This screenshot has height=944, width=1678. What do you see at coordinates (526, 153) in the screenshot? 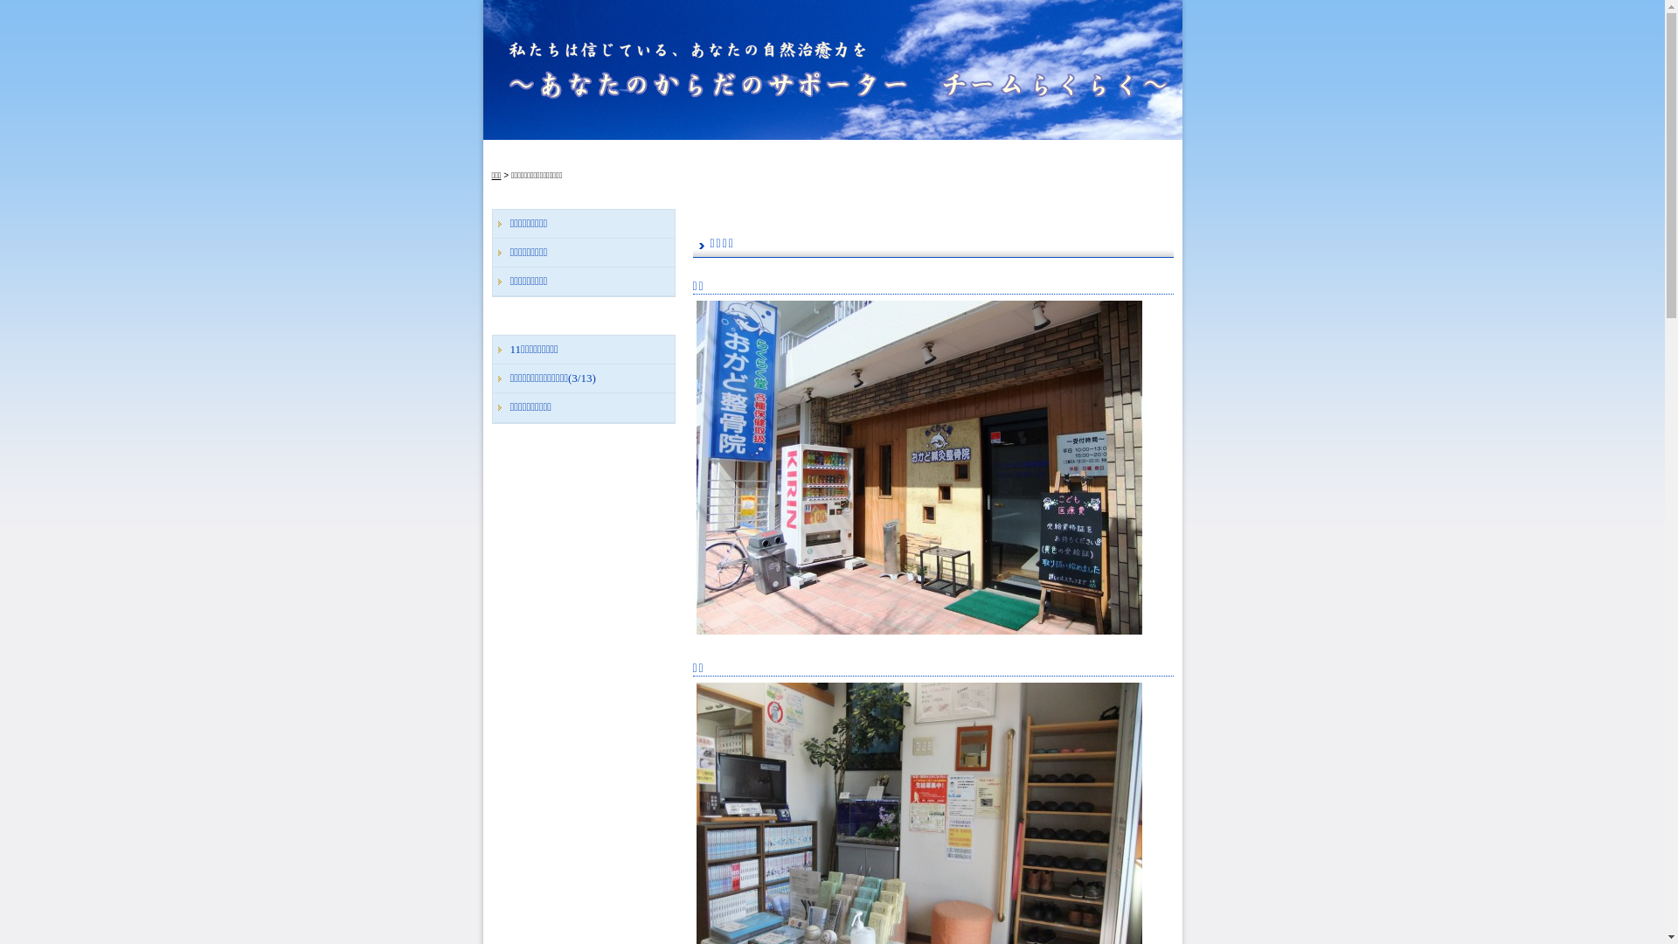
I see `'TOP'` at bounding box center [526, 153].